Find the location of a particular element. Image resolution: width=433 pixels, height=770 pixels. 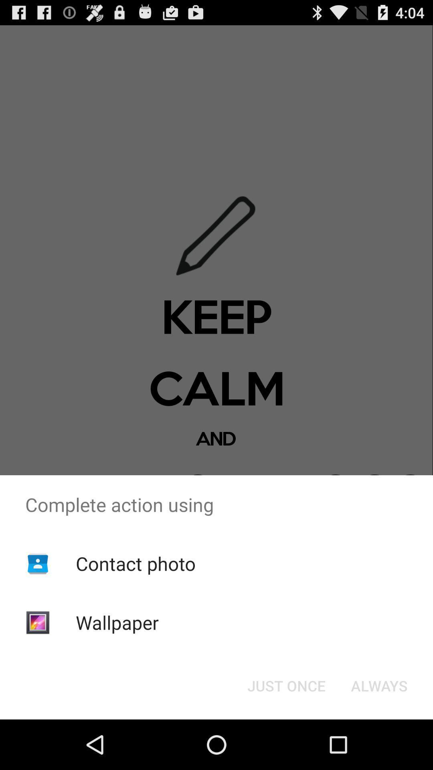

item above the wallpaper item is located at coordinates (135, 563).